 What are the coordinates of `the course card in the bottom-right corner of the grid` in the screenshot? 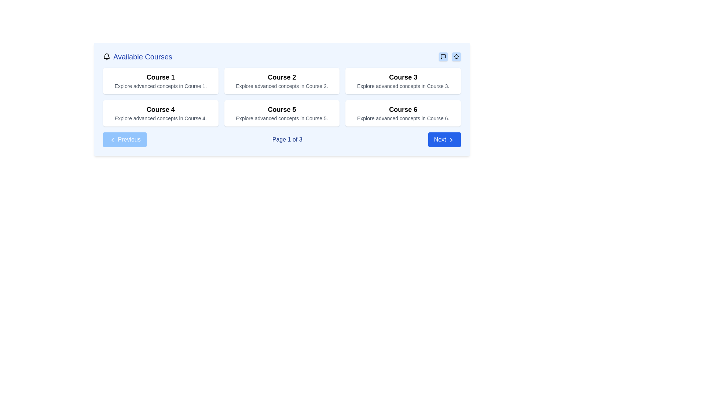 It's located at (403, 113).